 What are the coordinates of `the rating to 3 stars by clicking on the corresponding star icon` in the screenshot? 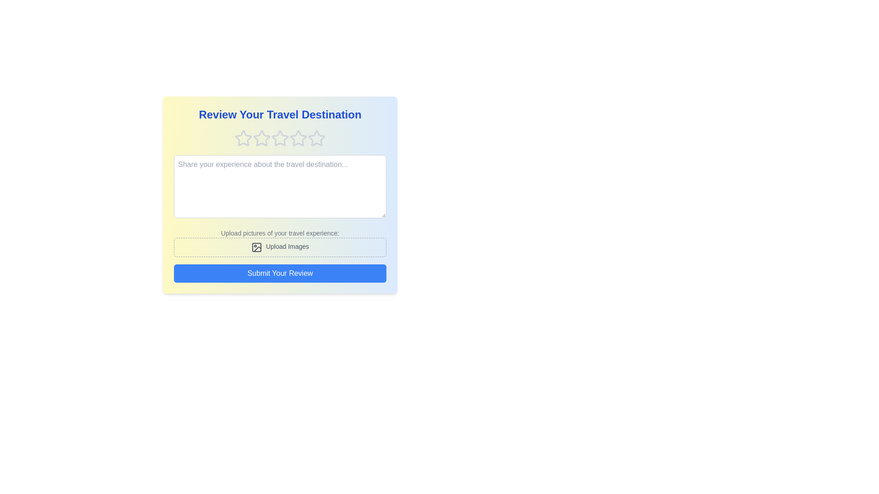 It's located at (279, 139).